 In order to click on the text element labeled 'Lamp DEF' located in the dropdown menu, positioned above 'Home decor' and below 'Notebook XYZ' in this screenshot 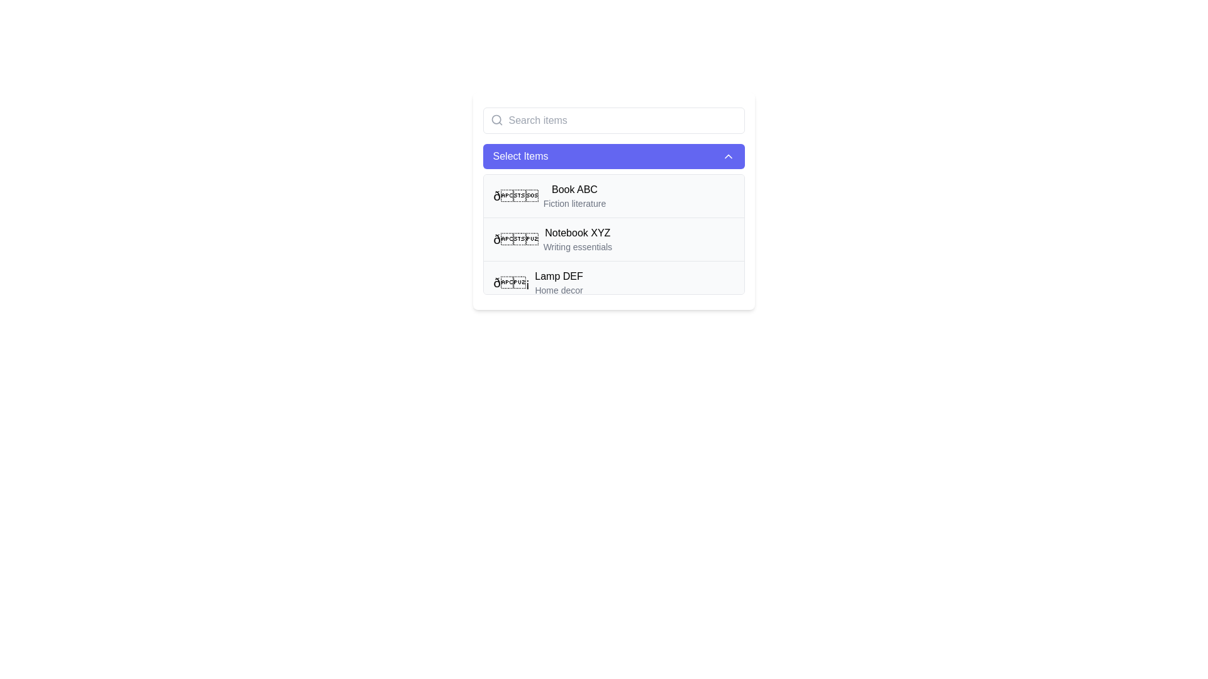, I will do `click(558, 275)`.